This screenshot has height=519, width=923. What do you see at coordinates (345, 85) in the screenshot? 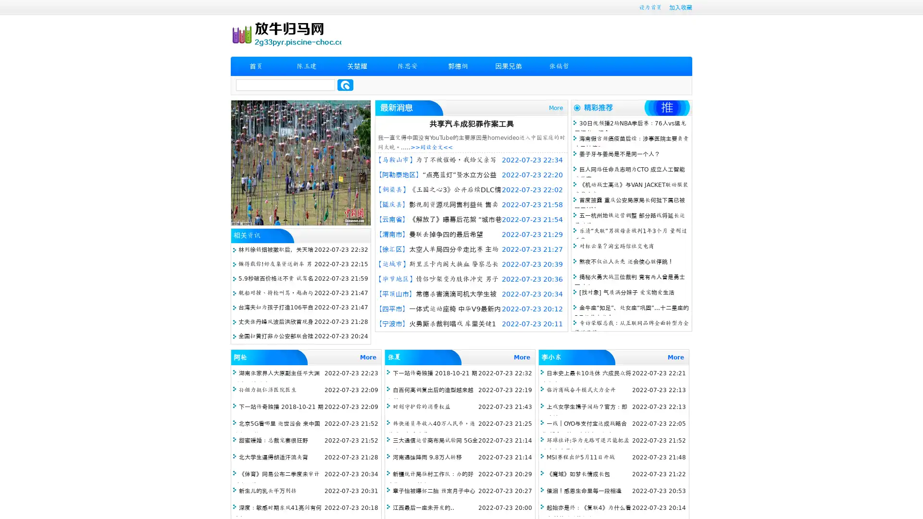
I see `Search` at bounding box center [345, 85].